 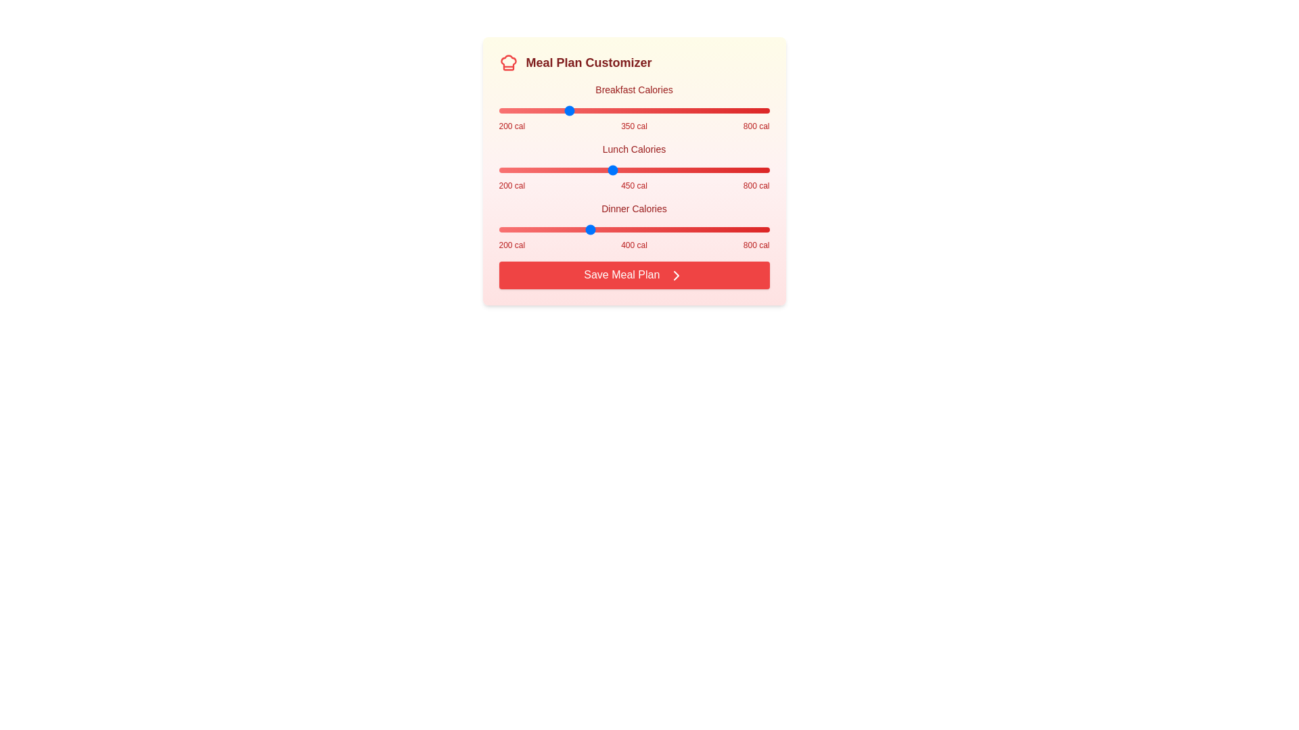 I want to click on the lunch calorie slider to 330 calories, so click(x=557, y=169).